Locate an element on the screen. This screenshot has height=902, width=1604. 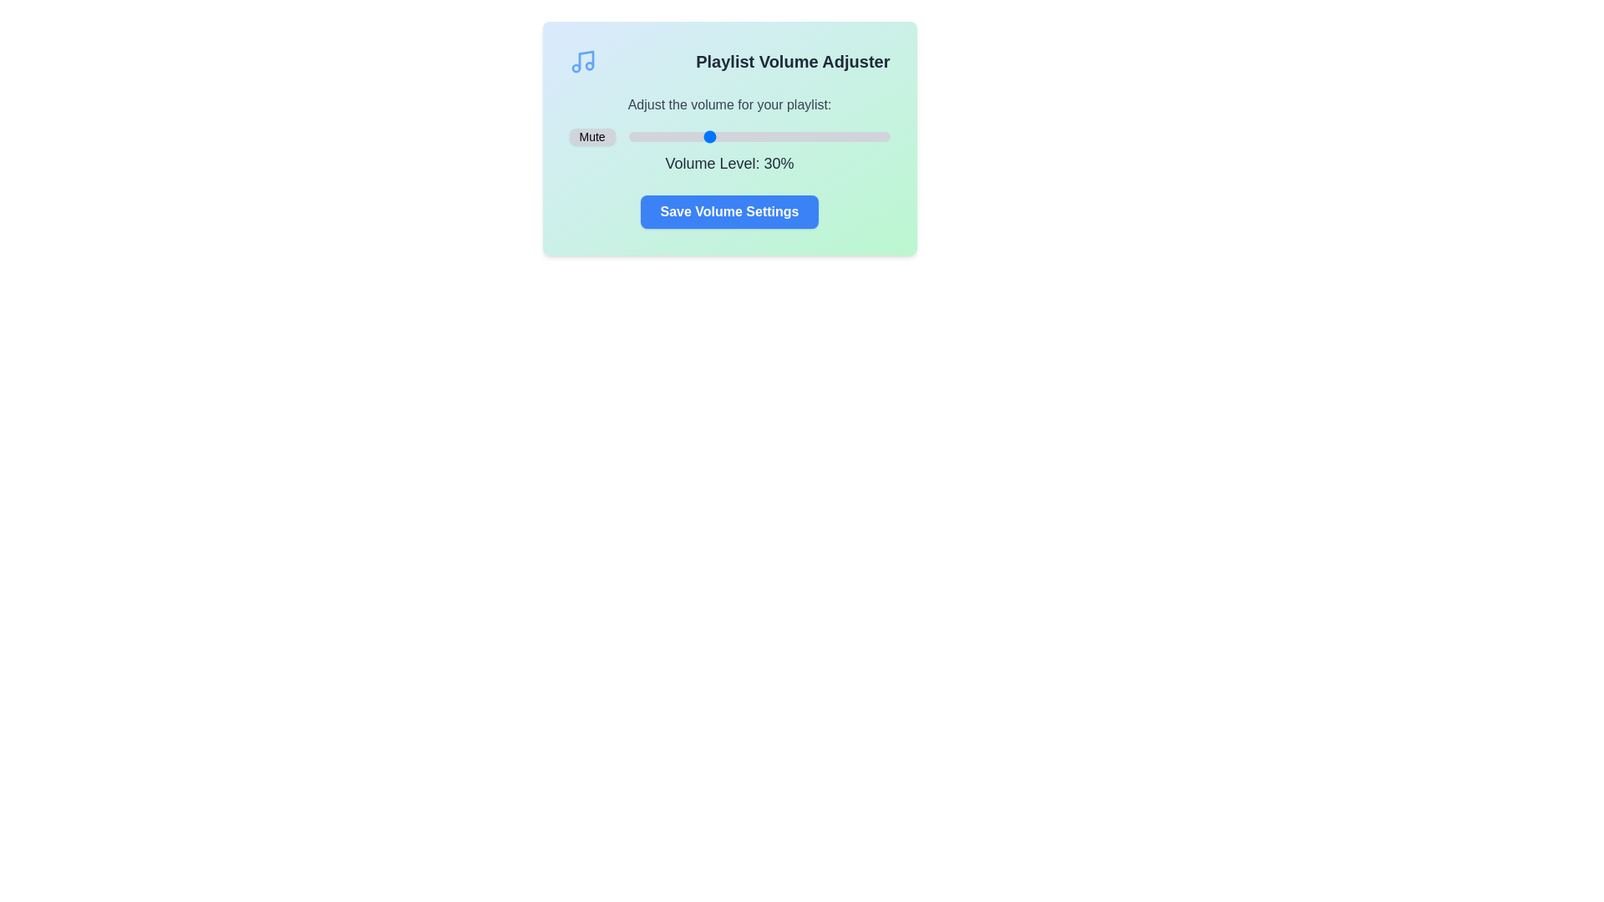
the volume slider to set the volume to 75% is located at coordinates (825, 136).